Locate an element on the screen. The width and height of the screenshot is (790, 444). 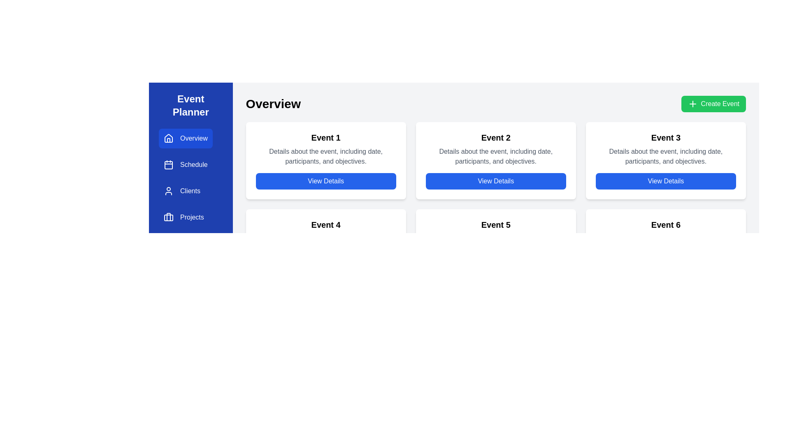
the 'Overview' text label in the sidebar menu is located at coordinates (193, 138).